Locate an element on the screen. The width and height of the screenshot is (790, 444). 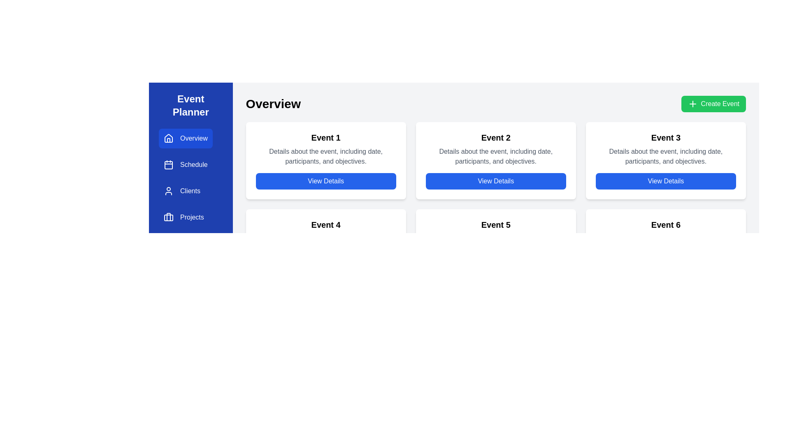
the 'Overview' text label in the sidebar menu is located at coordinates (193, 138).